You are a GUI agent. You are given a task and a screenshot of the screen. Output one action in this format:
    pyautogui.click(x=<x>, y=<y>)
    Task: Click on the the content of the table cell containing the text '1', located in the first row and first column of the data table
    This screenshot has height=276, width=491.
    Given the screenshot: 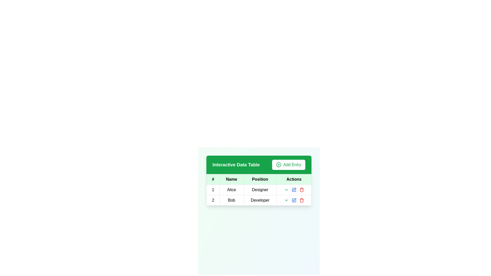 What is the action you would take?
    pyautogui.click(x=213, y=190)
    